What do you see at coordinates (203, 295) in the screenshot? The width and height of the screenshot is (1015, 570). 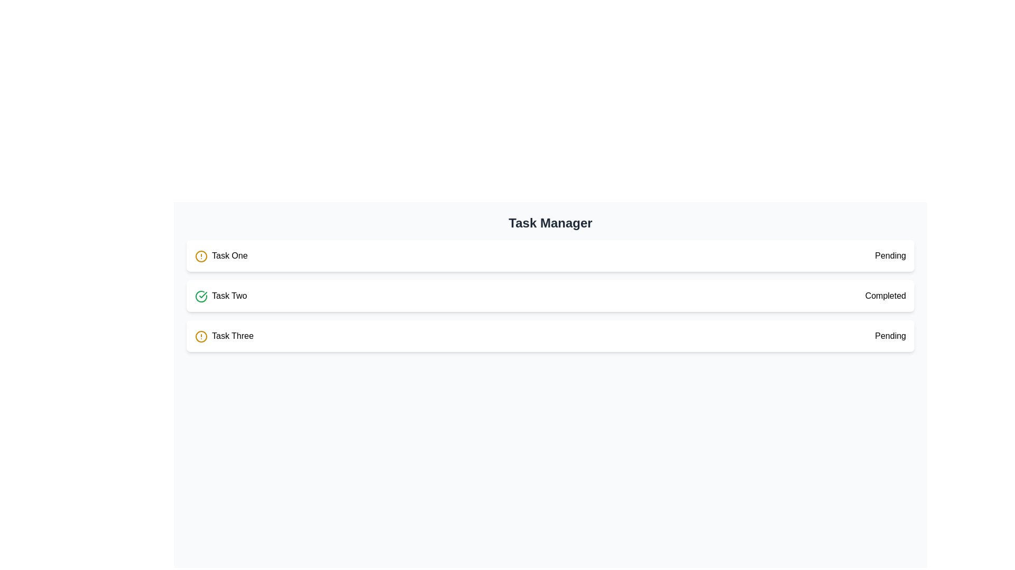 I see `the visual change of the completed task icon (checkmark) located in the second task item row of the task list by moving the mouse over it` at bounding box center [203, 295].